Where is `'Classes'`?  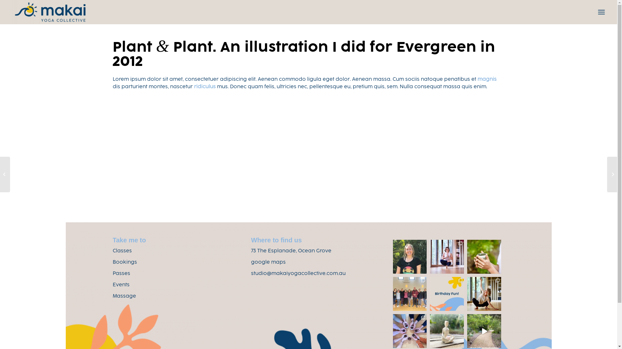
'Classes' is located at coordinates (112, 251).